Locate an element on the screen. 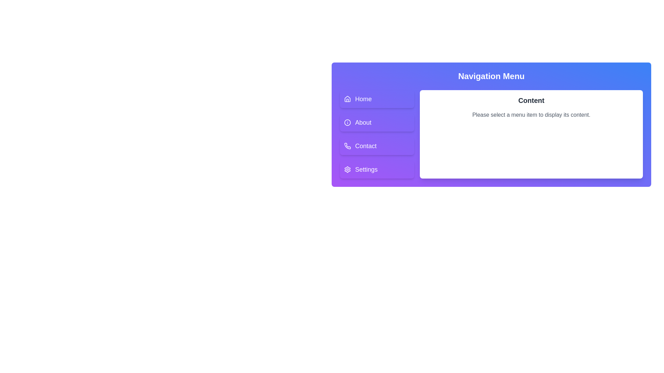 This screenshot has height=373, width=664. the information indicator icon that precedes the 'About' menu item, which is the second item in the vertical menu sequence is located at coordinates (347, 122).